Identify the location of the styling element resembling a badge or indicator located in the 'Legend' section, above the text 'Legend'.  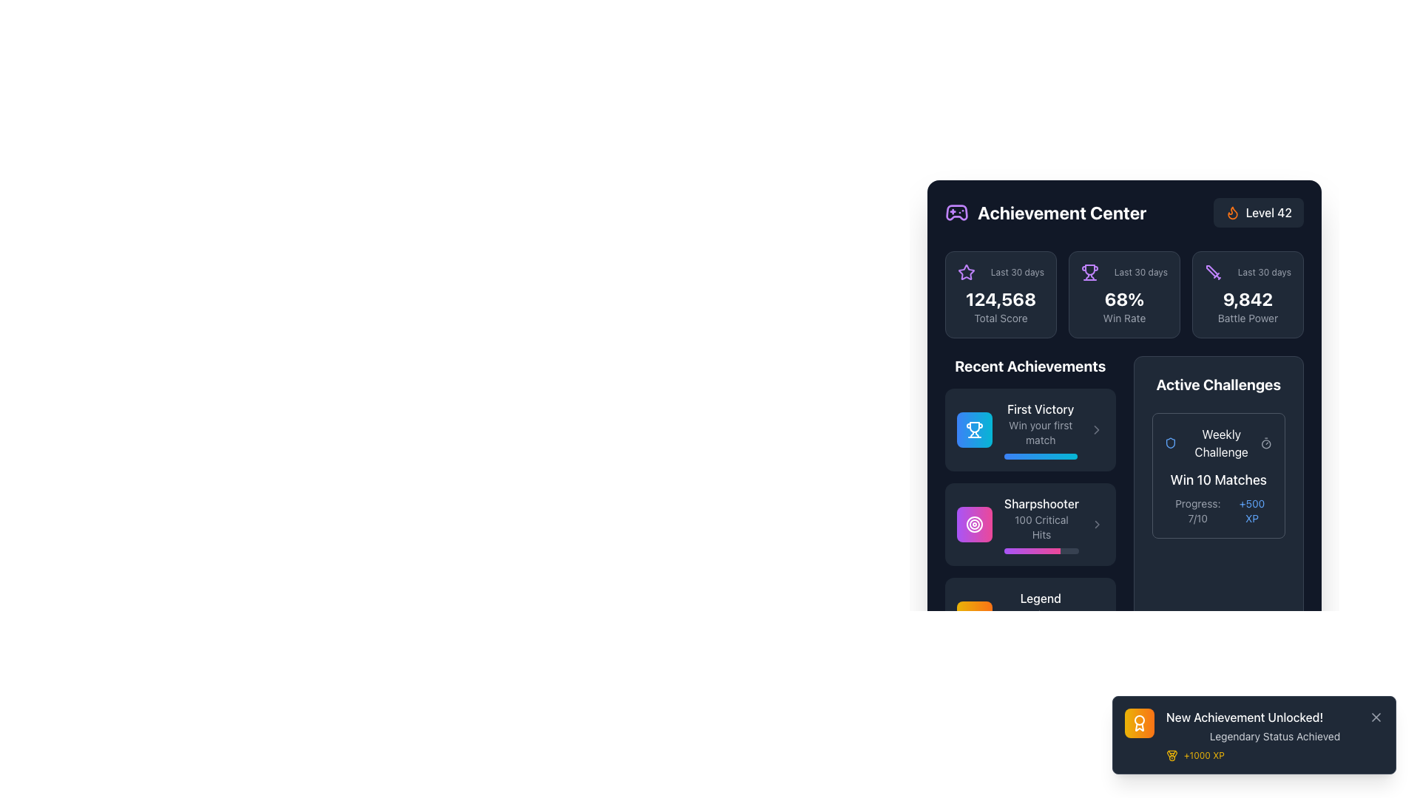
(975, 618).